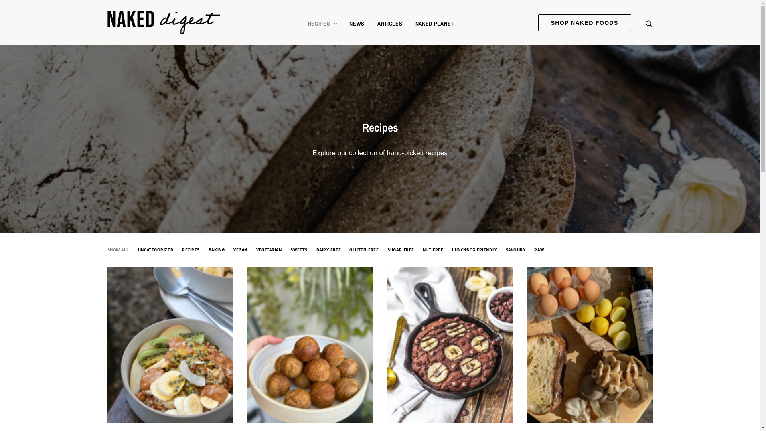  I want to click on 'NEWS', so click(356, 22).